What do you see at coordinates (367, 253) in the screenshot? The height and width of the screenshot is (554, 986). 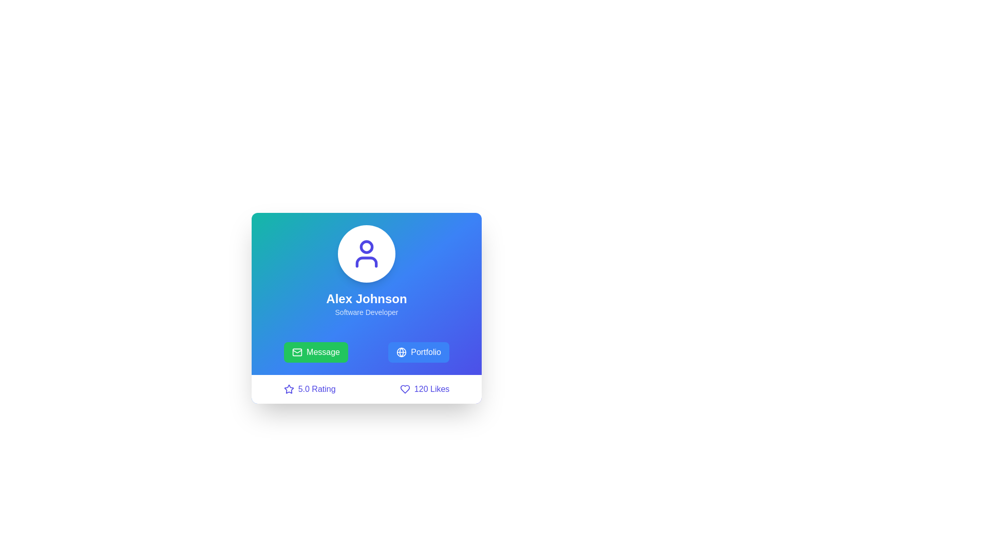 I see `the user profile icon, which is a bold purple icon of a circular head shape with shoulders, located at the top-center of a rectangular card with a white background` at bounding box center [367, 253].